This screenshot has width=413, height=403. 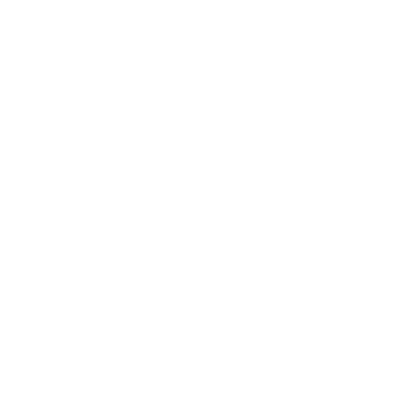 I want to click on 'Centrifuge/rotor compatible with 96-well plates', so click(x=240, y=162).